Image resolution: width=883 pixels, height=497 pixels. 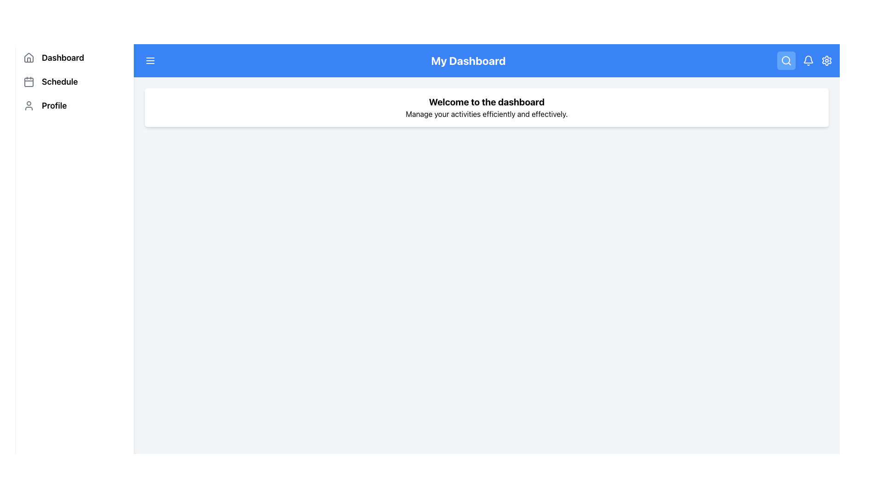 I want to click on the 'Profile' text label in the left sidebar menu, so click(x=54, y=105).